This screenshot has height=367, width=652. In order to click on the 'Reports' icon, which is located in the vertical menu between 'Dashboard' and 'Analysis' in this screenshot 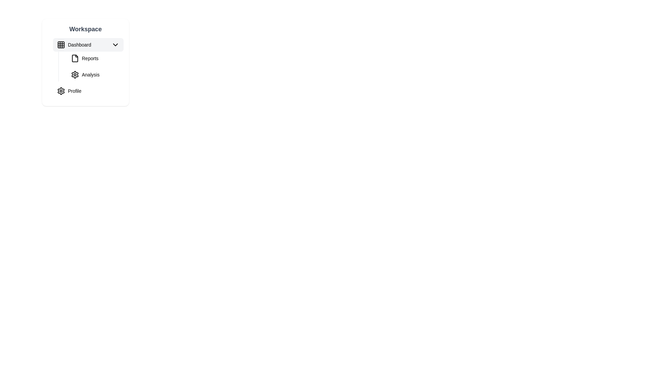, I will do `click(75, 58)`.